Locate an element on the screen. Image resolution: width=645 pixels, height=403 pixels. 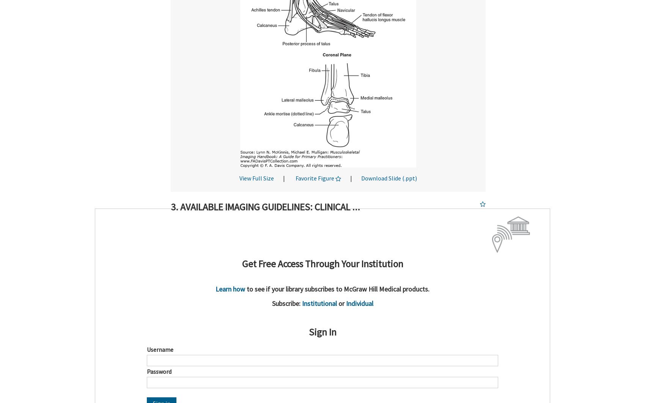
'or' is located at coordinates (341, 303).